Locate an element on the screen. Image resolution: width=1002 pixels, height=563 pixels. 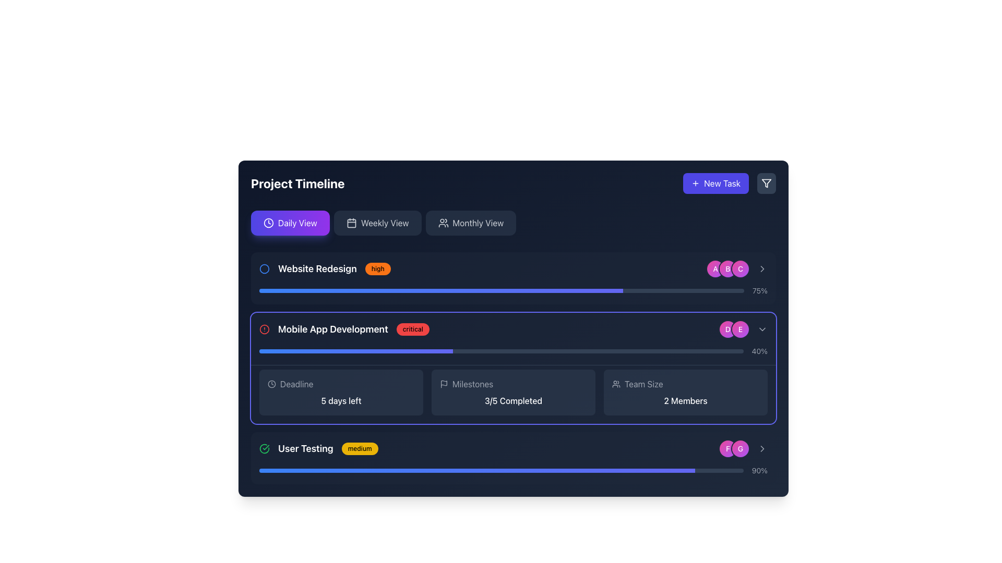
the static text display that shows '2 Members' within the 'Team Size' section of the dashboard is located at coordinates (686, 400).